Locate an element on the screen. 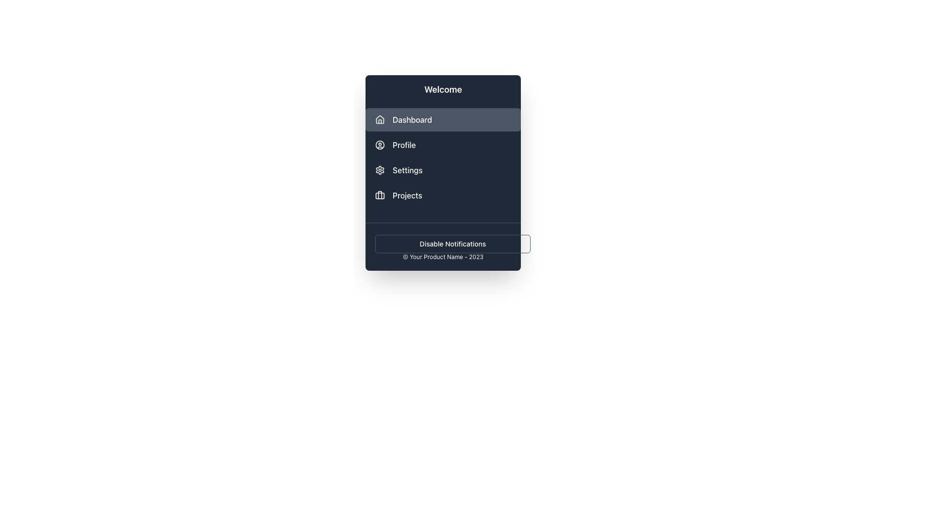  the cogwheel icon located next to the 'Settings' label in the vertical navigation menu is located at coordinates (379, 170).